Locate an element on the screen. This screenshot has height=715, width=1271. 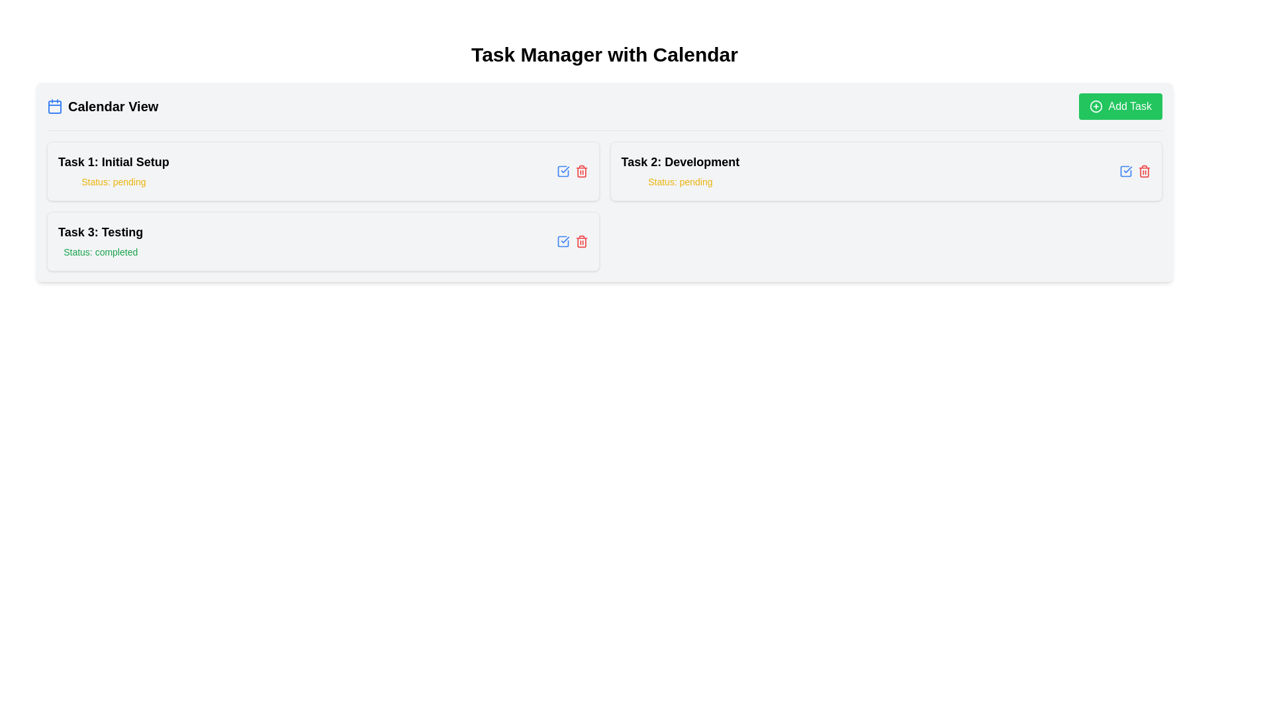
task title ('Task 3: Testing') and its completion status ('completed') displayed in the Text component located in the second row's left column under the 'Task 1: Initial Setup' card is located at coordinates (100, 242).